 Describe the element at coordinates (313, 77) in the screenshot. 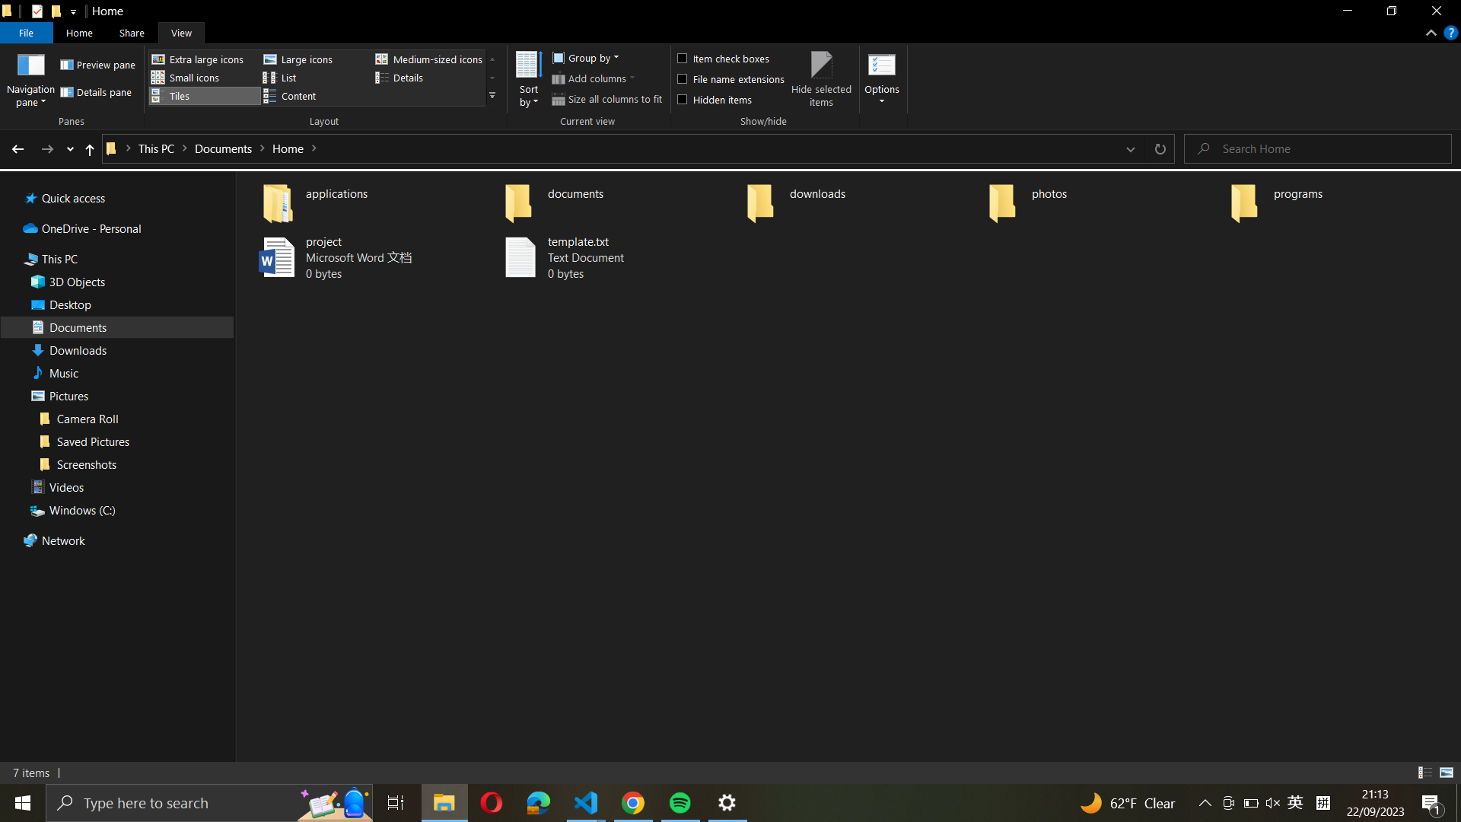

I see `Change the folder layout mode to list form` at that location.